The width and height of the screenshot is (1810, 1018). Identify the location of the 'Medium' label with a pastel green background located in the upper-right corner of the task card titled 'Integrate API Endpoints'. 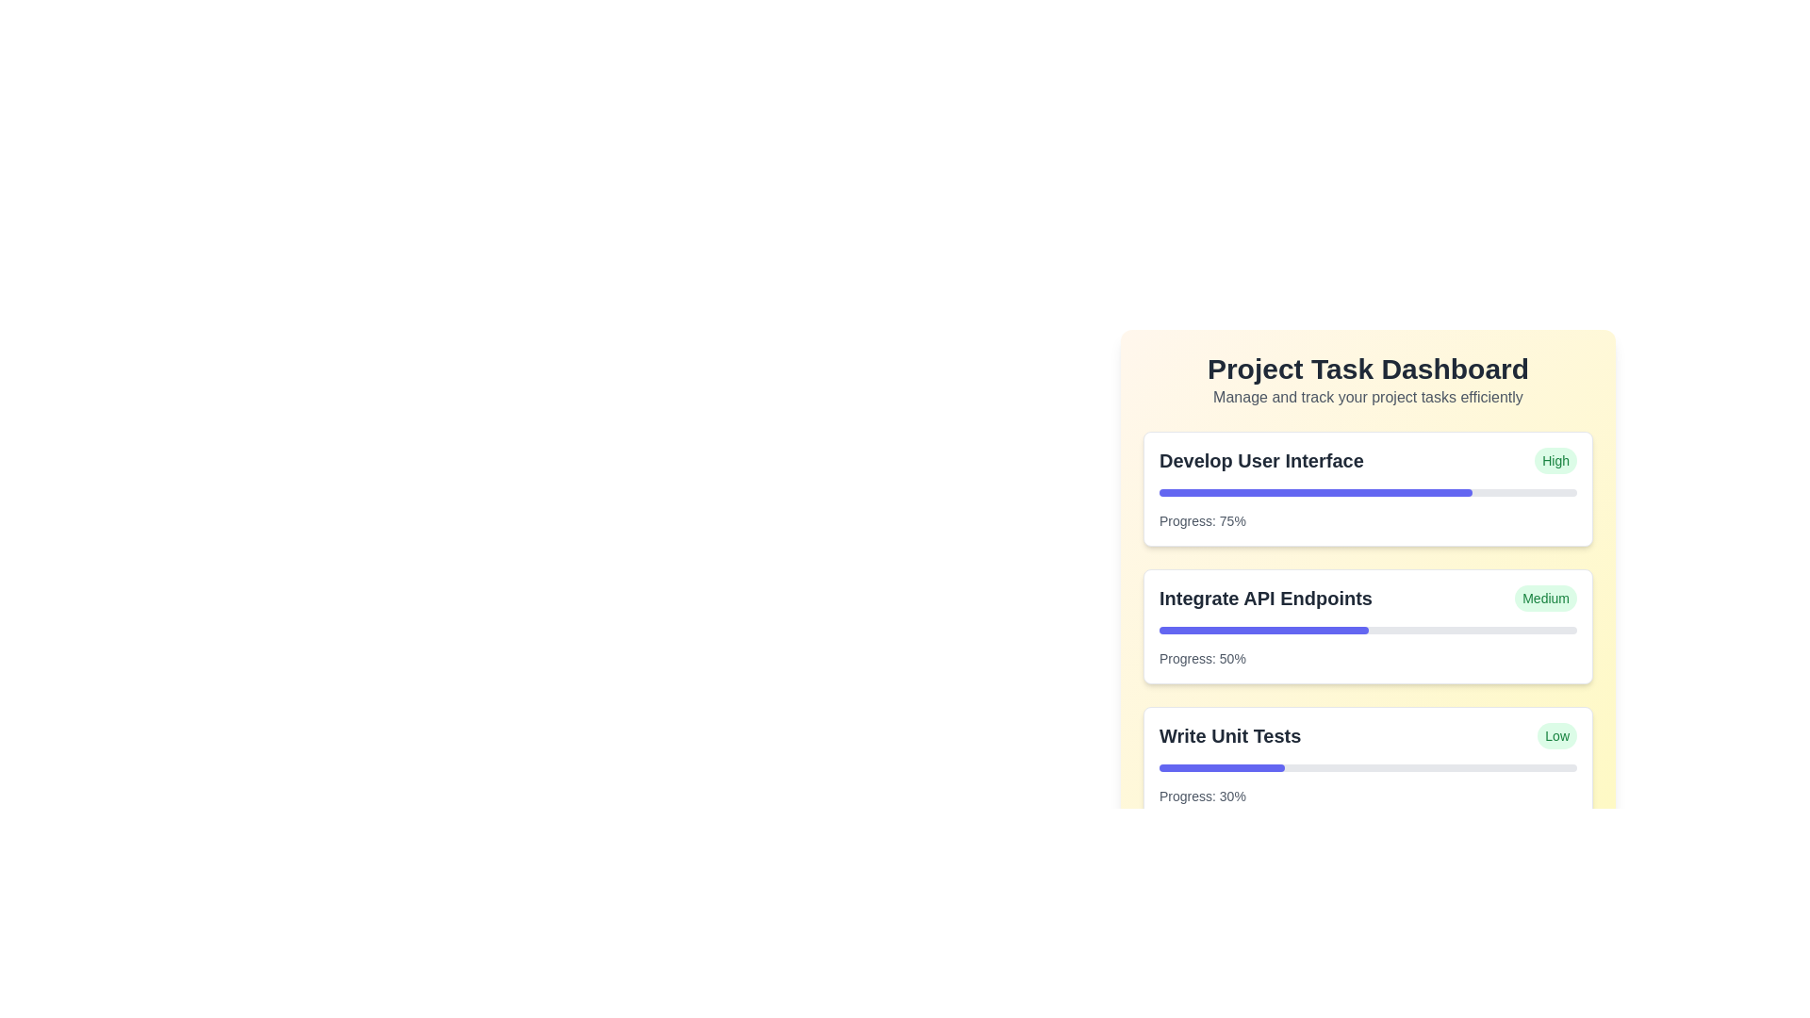
(1546, 599).